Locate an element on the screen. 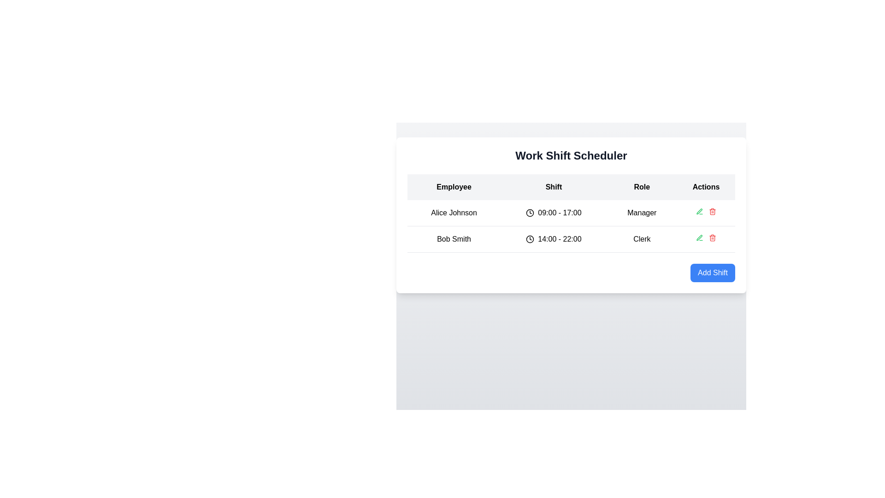 The height and width of the screenshot is (498, 885). the shift details for the employee 'Alice Johnson' in the first row of the 'Work Shift Scheduler' table is located at coordinates (571, 226).